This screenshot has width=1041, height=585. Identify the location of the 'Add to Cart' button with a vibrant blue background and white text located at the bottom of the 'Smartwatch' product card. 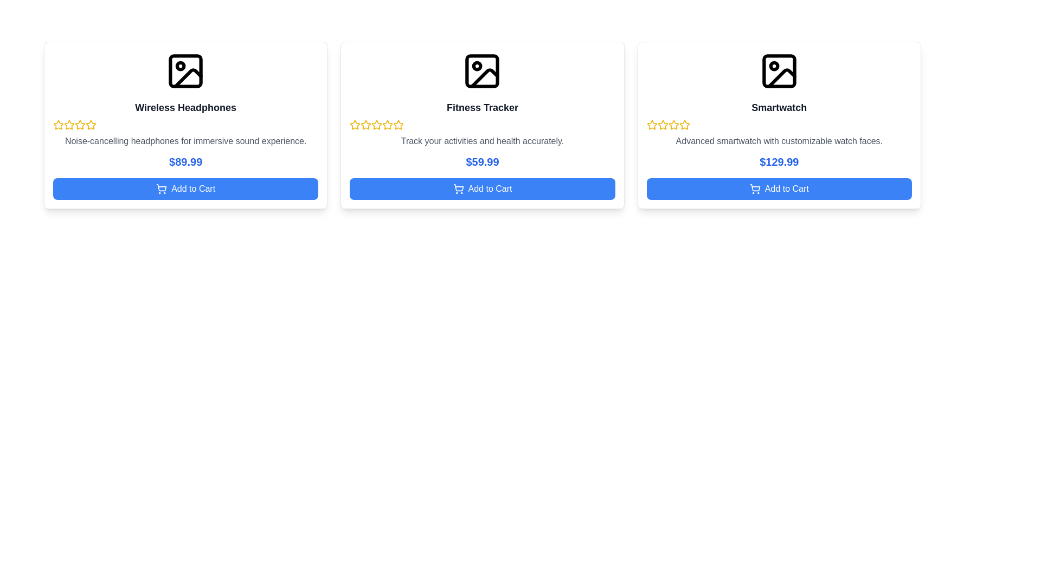
(779, 188).